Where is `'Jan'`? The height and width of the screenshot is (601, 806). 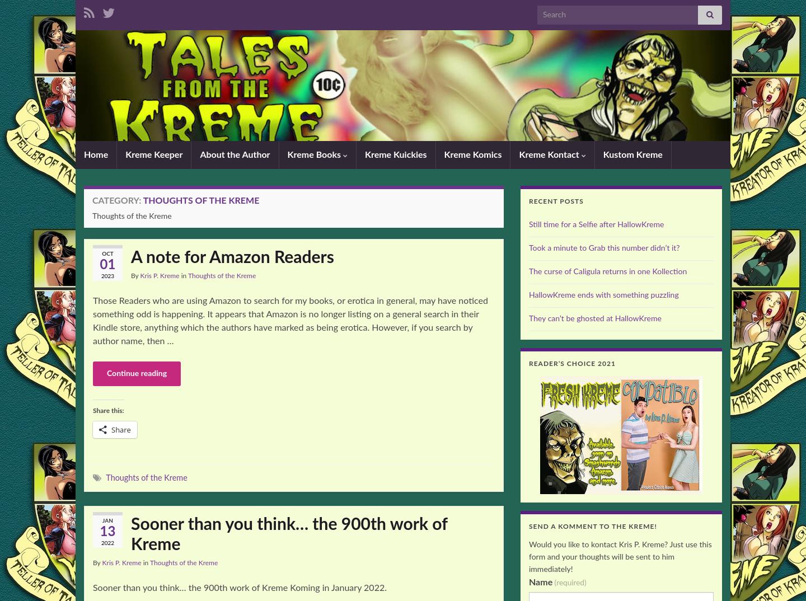
'Jan' is located at coordinates (107, 520).